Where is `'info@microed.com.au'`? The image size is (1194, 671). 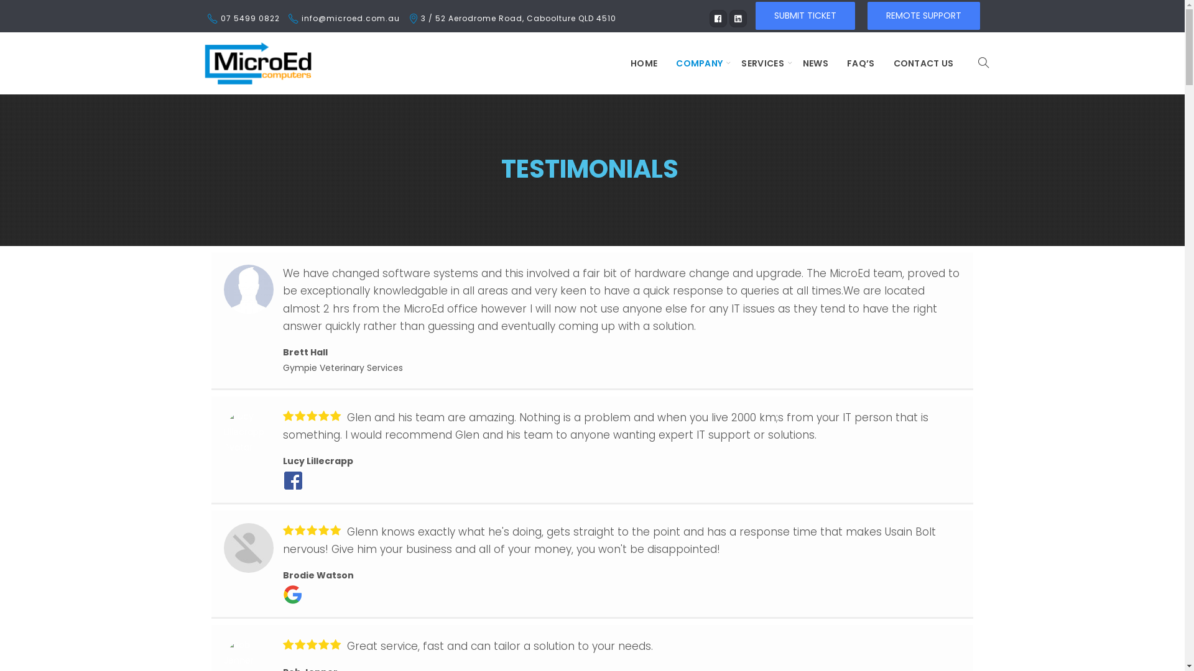
'info@microed.com.au' is located at coordinates (349, 18).